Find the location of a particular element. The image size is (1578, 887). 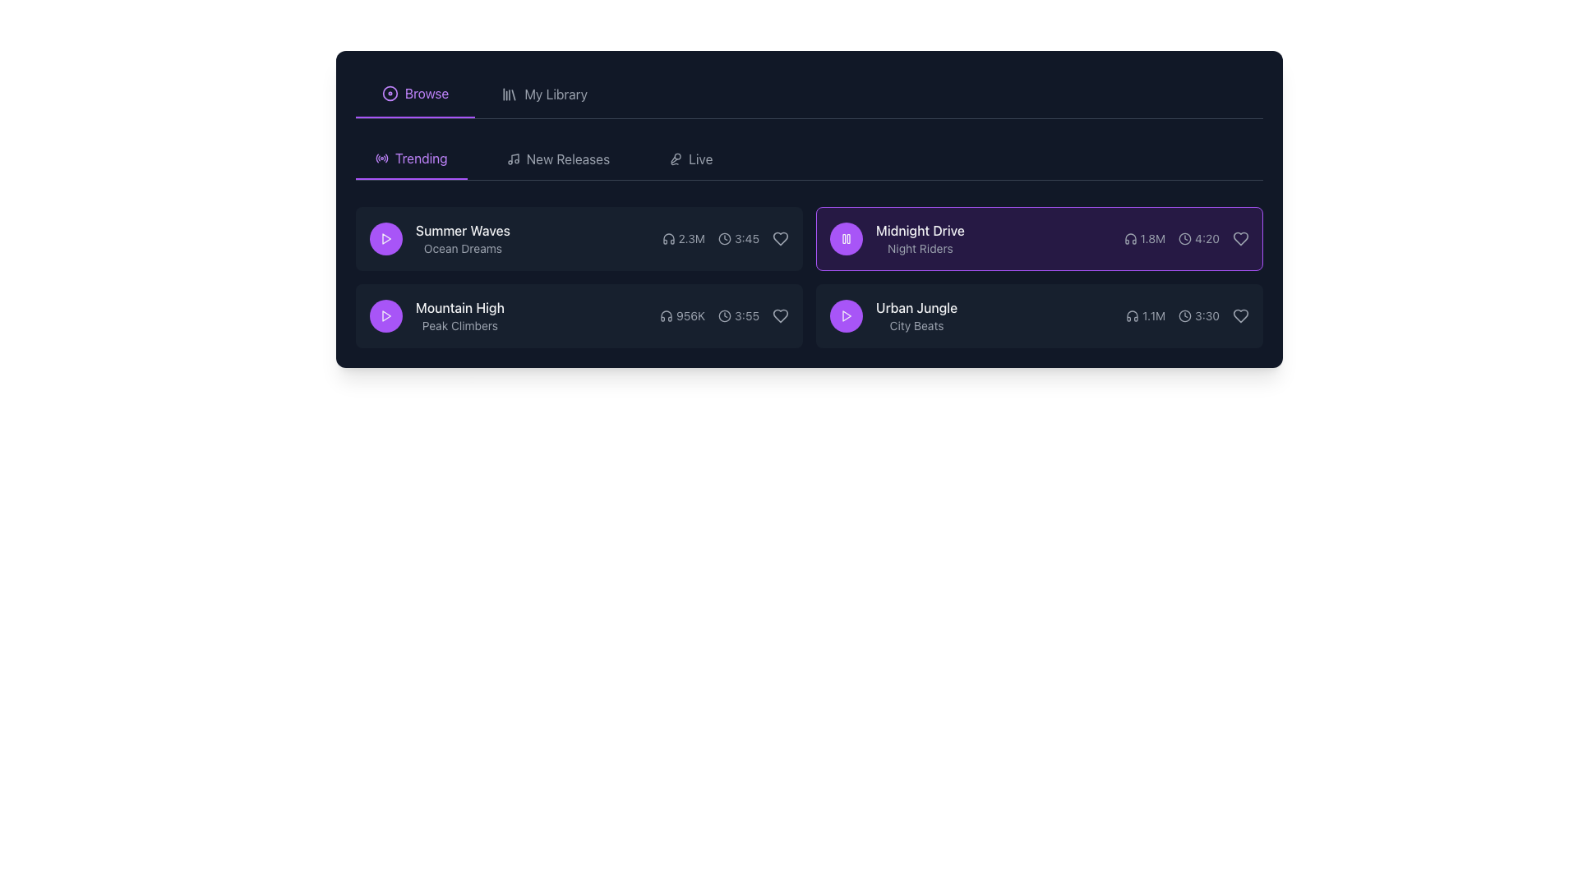

the 'favorite' or 'like' icon for the song 'Midnight Drive' by 'Night Riders' to change its color state to purple is located at coordinates (1241, 238).